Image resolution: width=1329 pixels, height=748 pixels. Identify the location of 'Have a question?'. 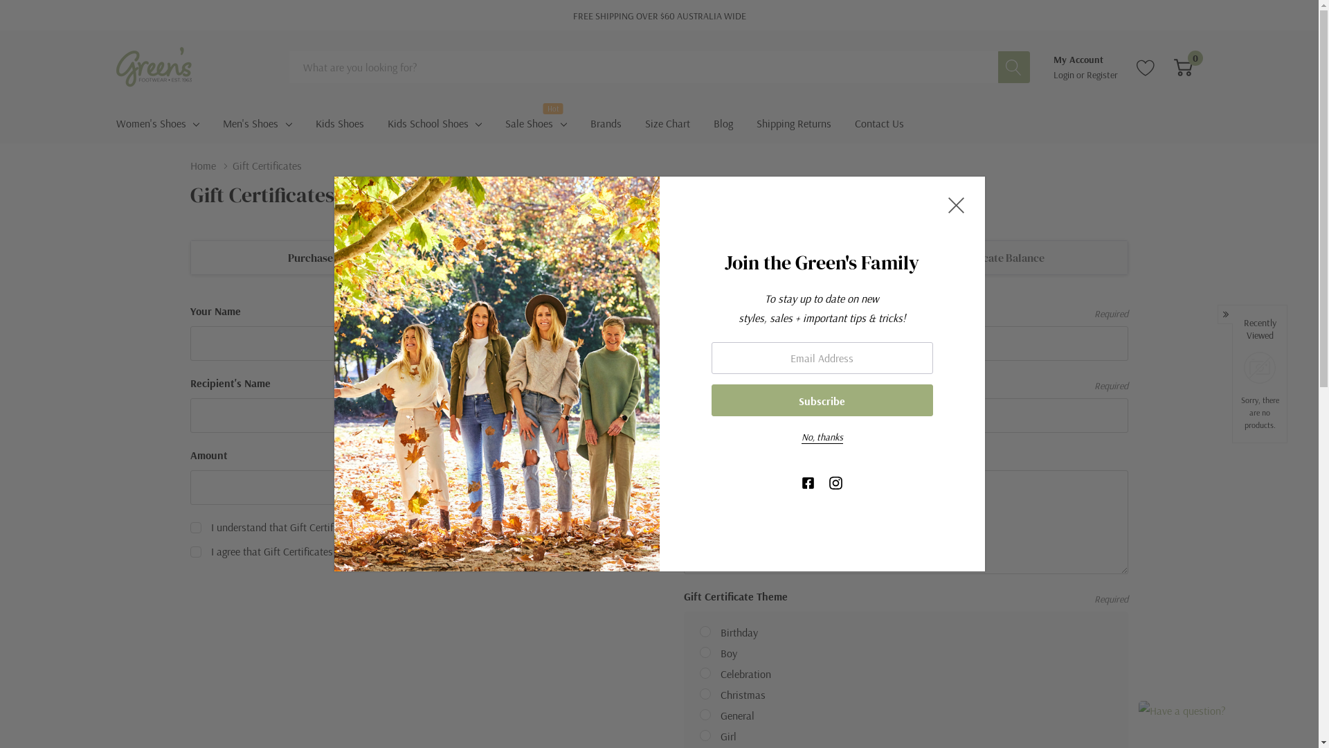
(1139, 711).